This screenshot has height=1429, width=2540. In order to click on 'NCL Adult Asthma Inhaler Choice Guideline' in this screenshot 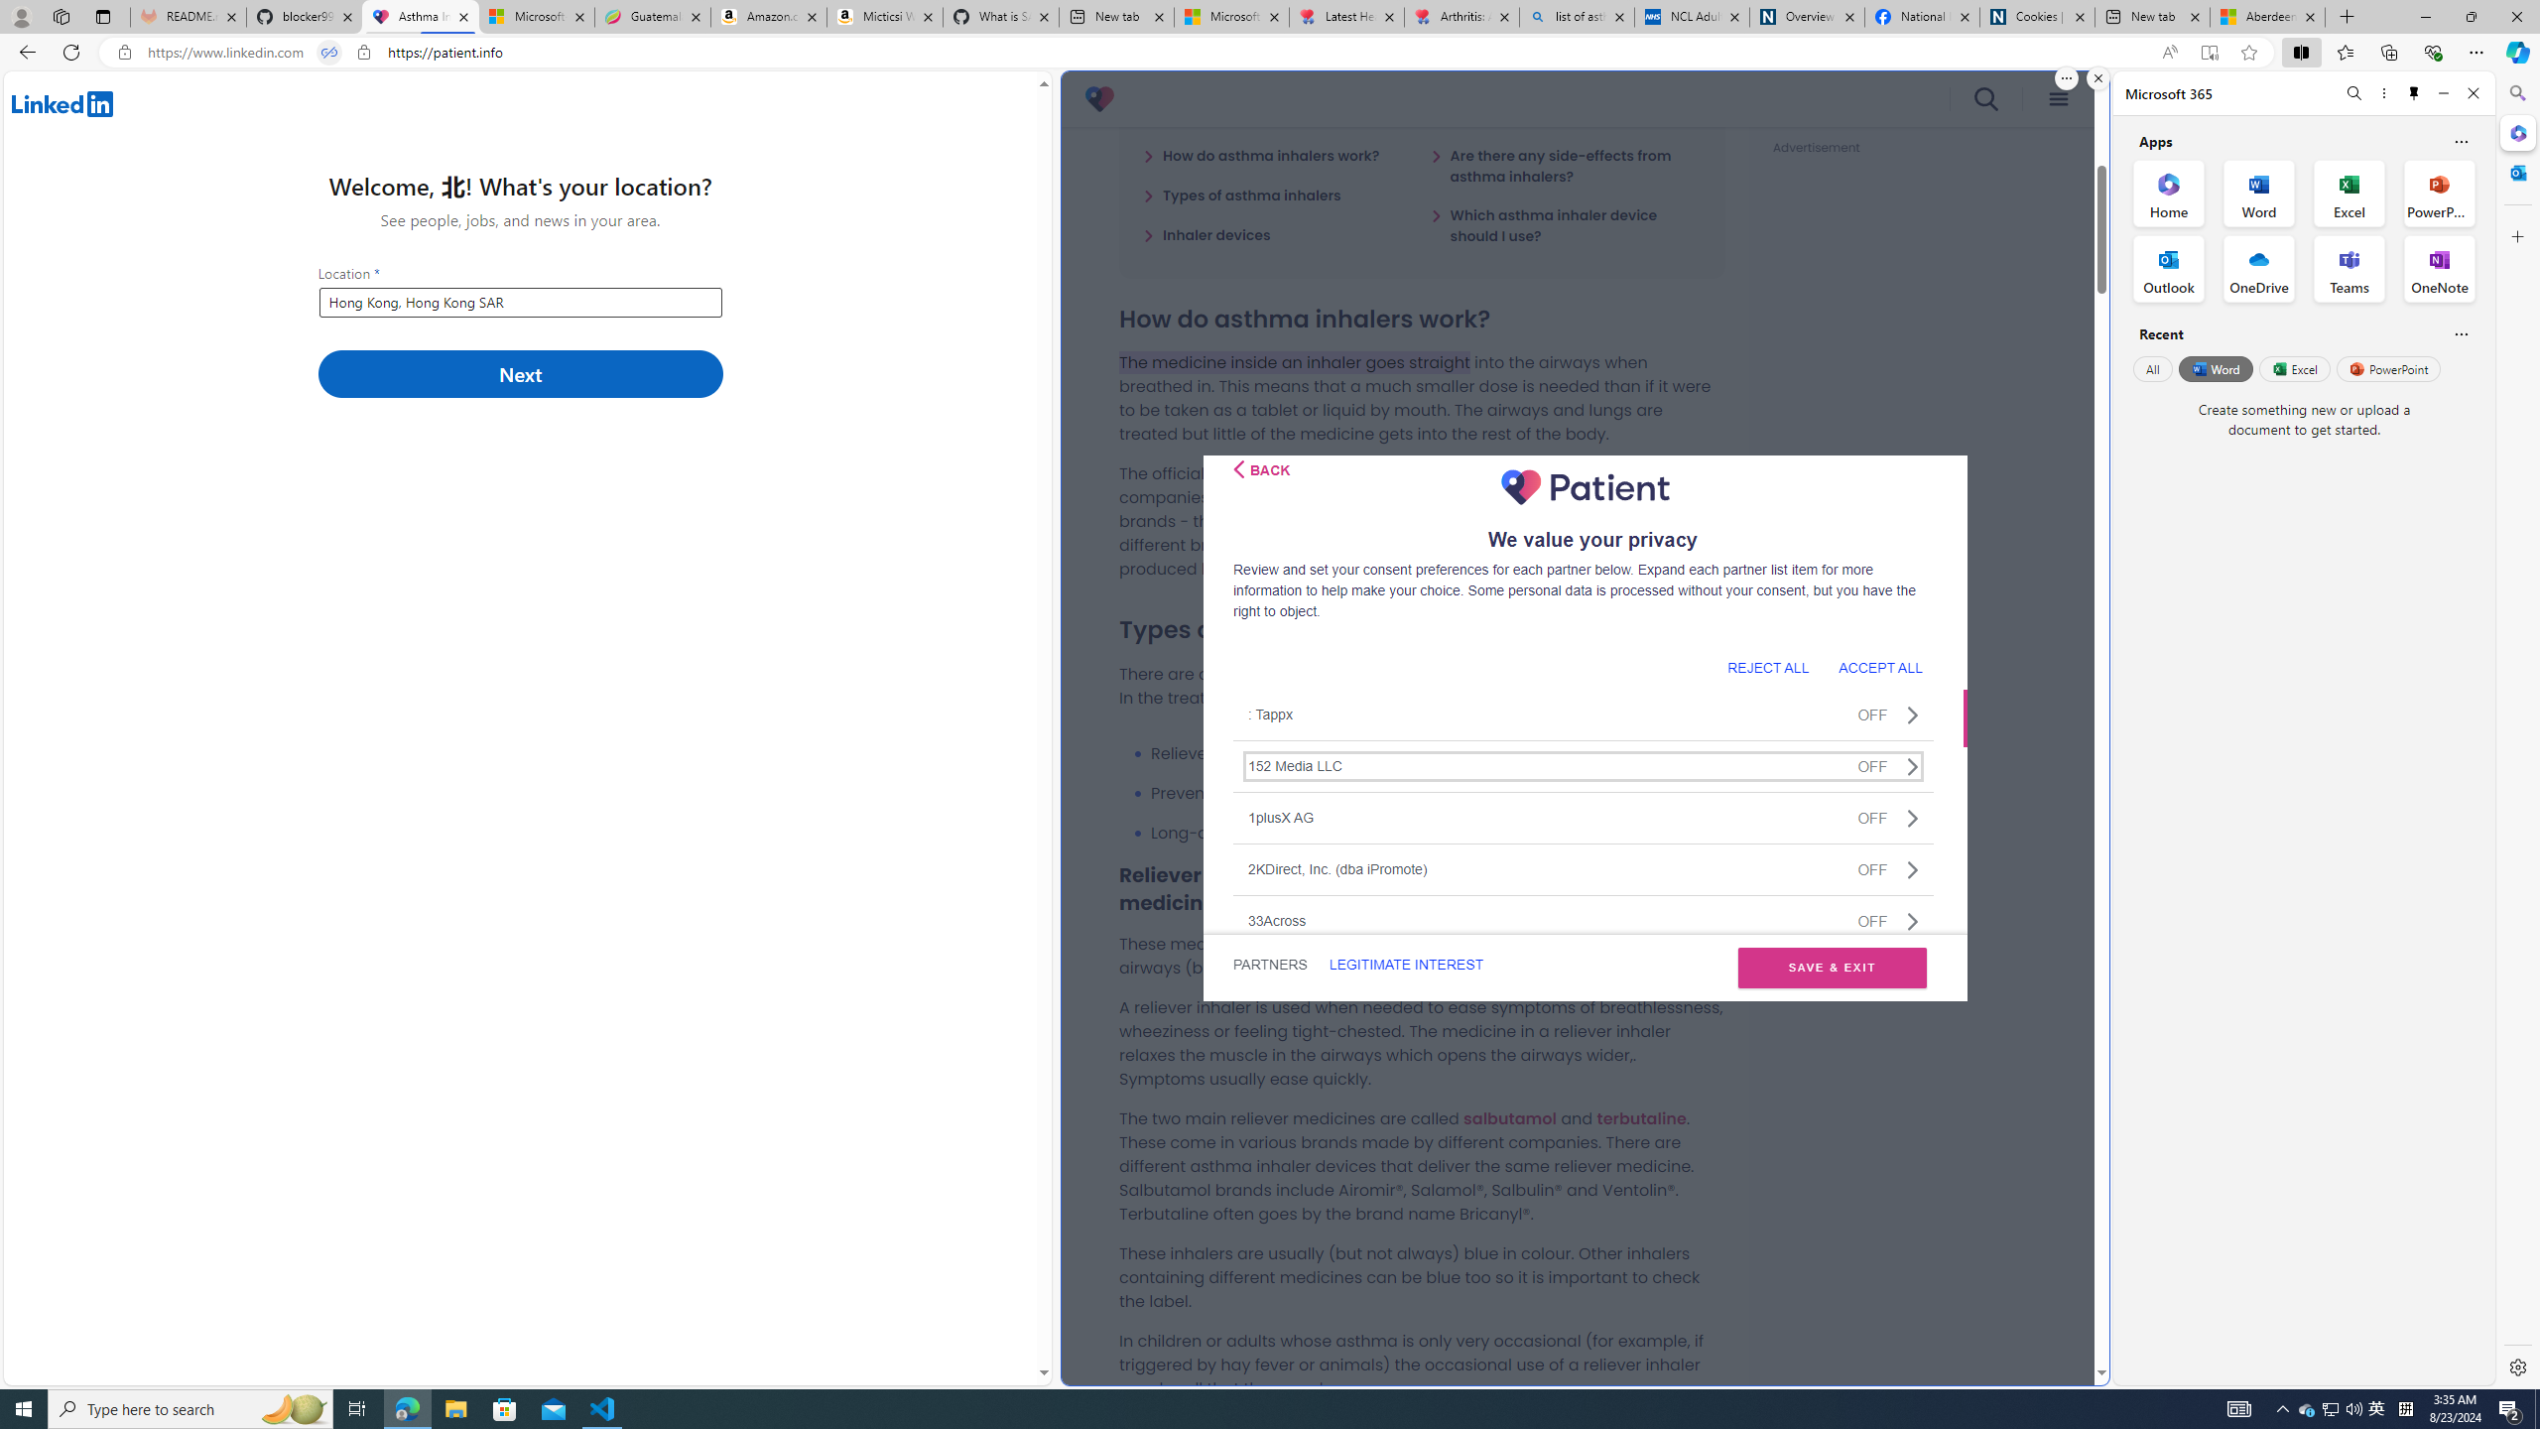, I will do `click(1690, 16)`.